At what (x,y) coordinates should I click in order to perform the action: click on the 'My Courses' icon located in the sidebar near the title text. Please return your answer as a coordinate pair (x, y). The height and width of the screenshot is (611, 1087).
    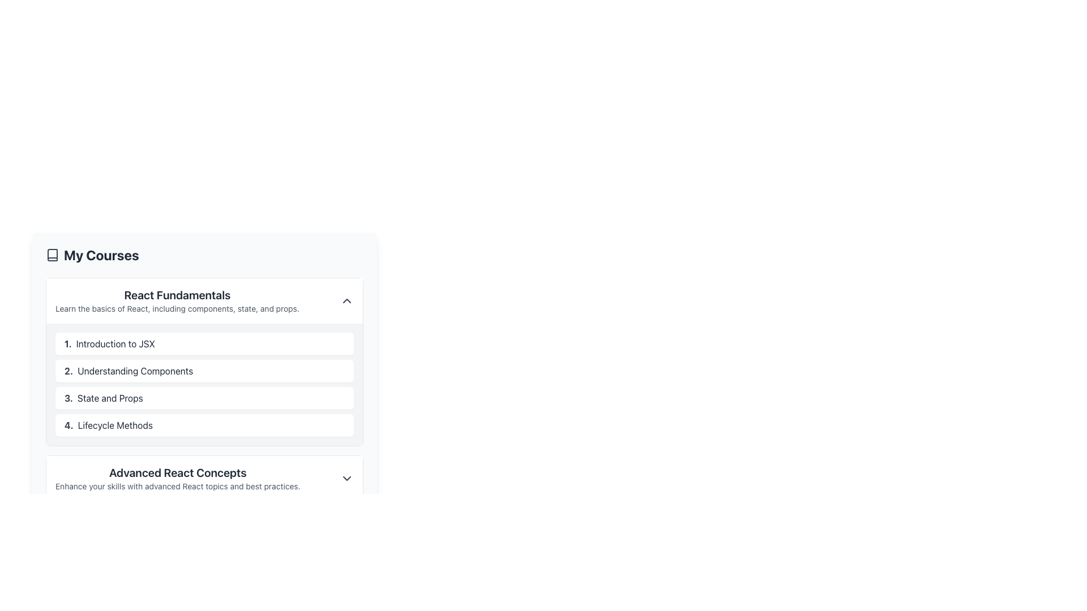
    Looking at the image, I should click on (52, 255).